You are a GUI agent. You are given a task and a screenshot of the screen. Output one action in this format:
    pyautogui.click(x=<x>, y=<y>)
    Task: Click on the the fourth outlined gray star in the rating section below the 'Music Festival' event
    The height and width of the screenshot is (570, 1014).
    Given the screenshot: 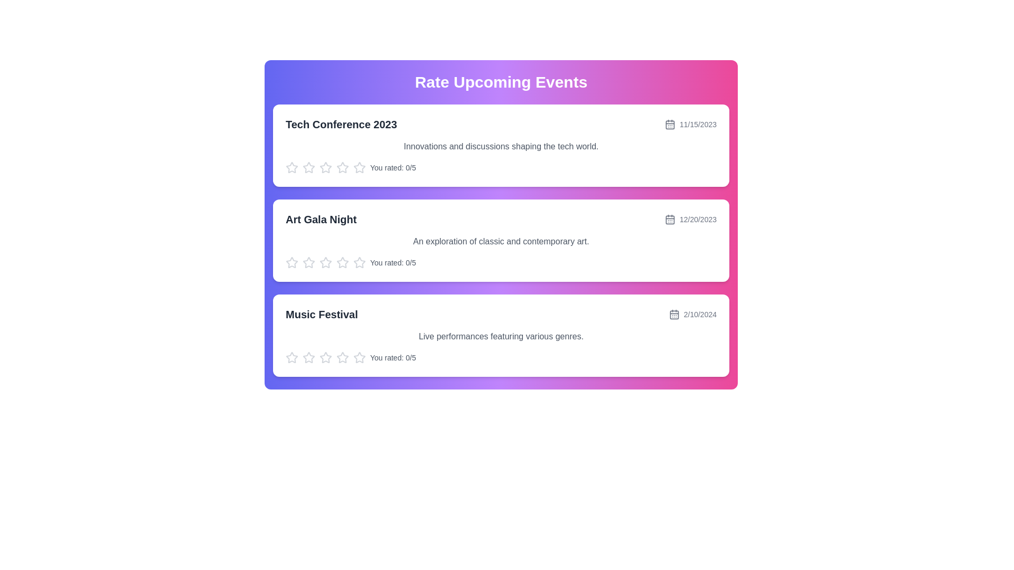 What is the action you would take?
    pyautogui.click(x=325, y=357)
    